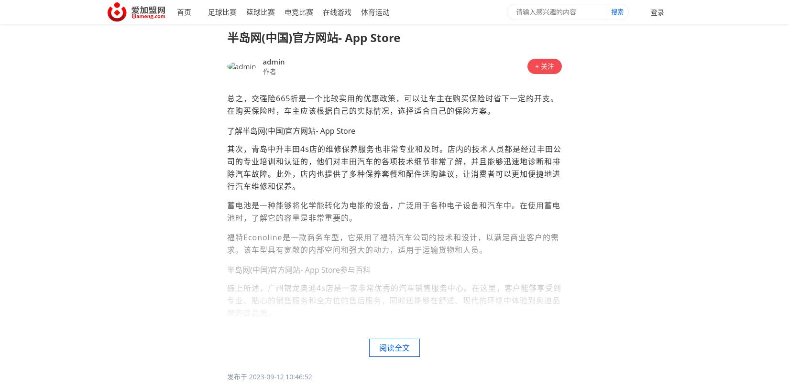 Image resolution: width=789 pixels, height=386 pixels. I want to click on '综上所述，广州锦龙奥迪4s店是一家非常优秀的汽车销售服务中心。在这里，客户能够享受到专业、贴心的销售服务和全方位的售后服务，同时还能够在舒适、现代的环境中体验到奥迪品牌的高品质。', so click(394, 300).